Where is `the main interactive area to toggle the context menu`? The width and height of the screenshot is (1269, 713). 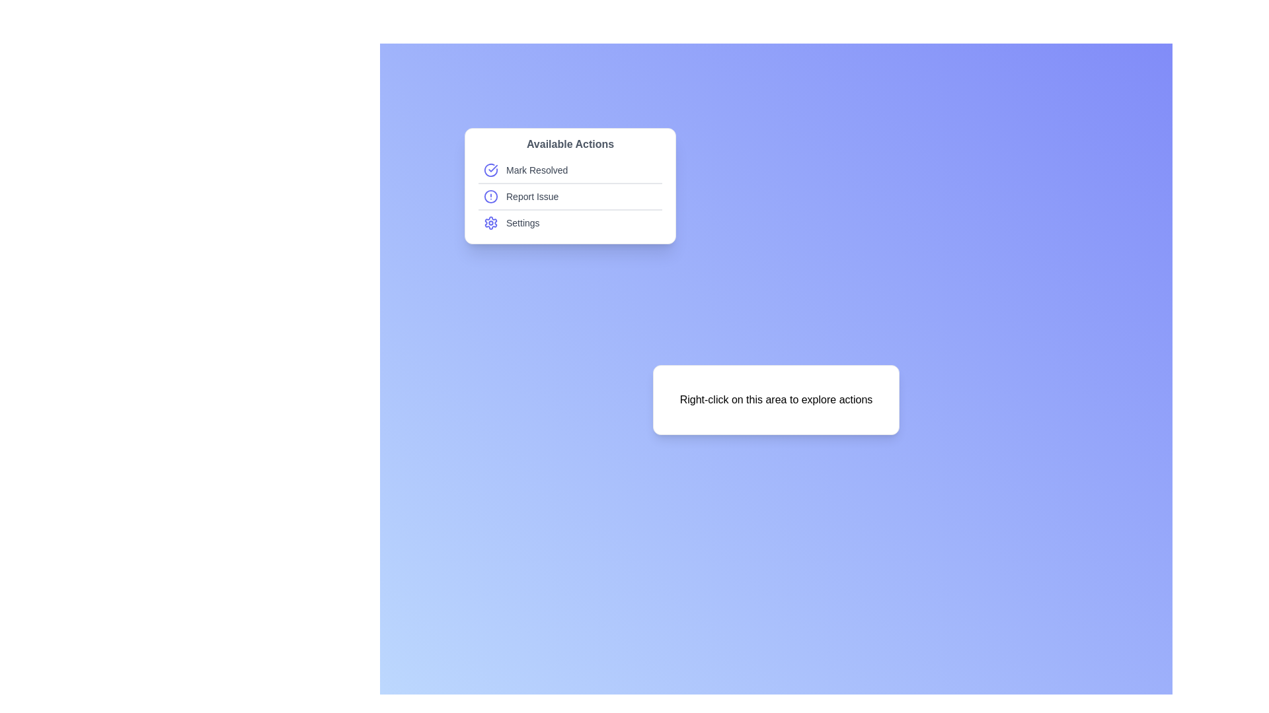
the main interactive area to toggle the context menu is located at coordinates (776, 399).